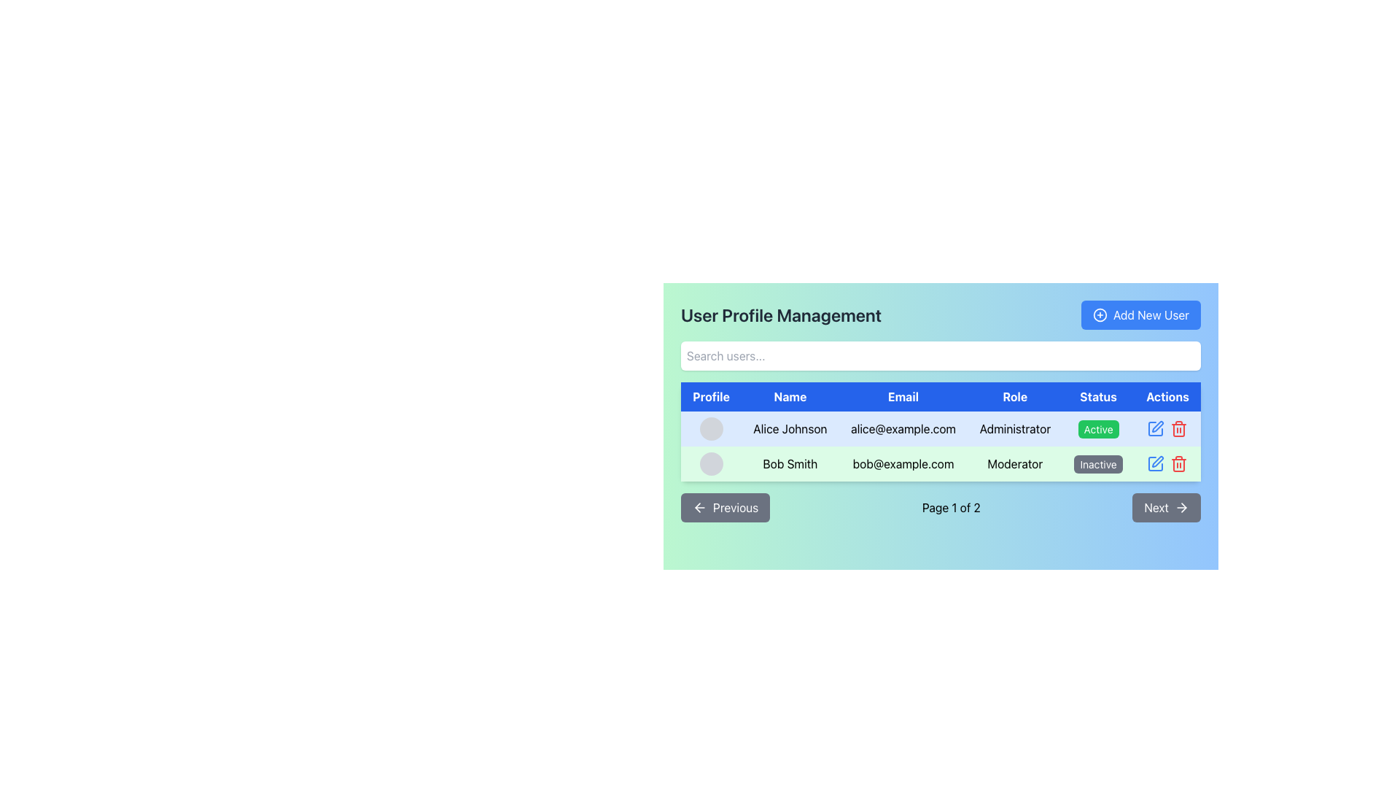 The width and height of the screenshot is (1400, 788). I want to click on the 'Profile' column header in the table to sort the column, so click(711, 396).